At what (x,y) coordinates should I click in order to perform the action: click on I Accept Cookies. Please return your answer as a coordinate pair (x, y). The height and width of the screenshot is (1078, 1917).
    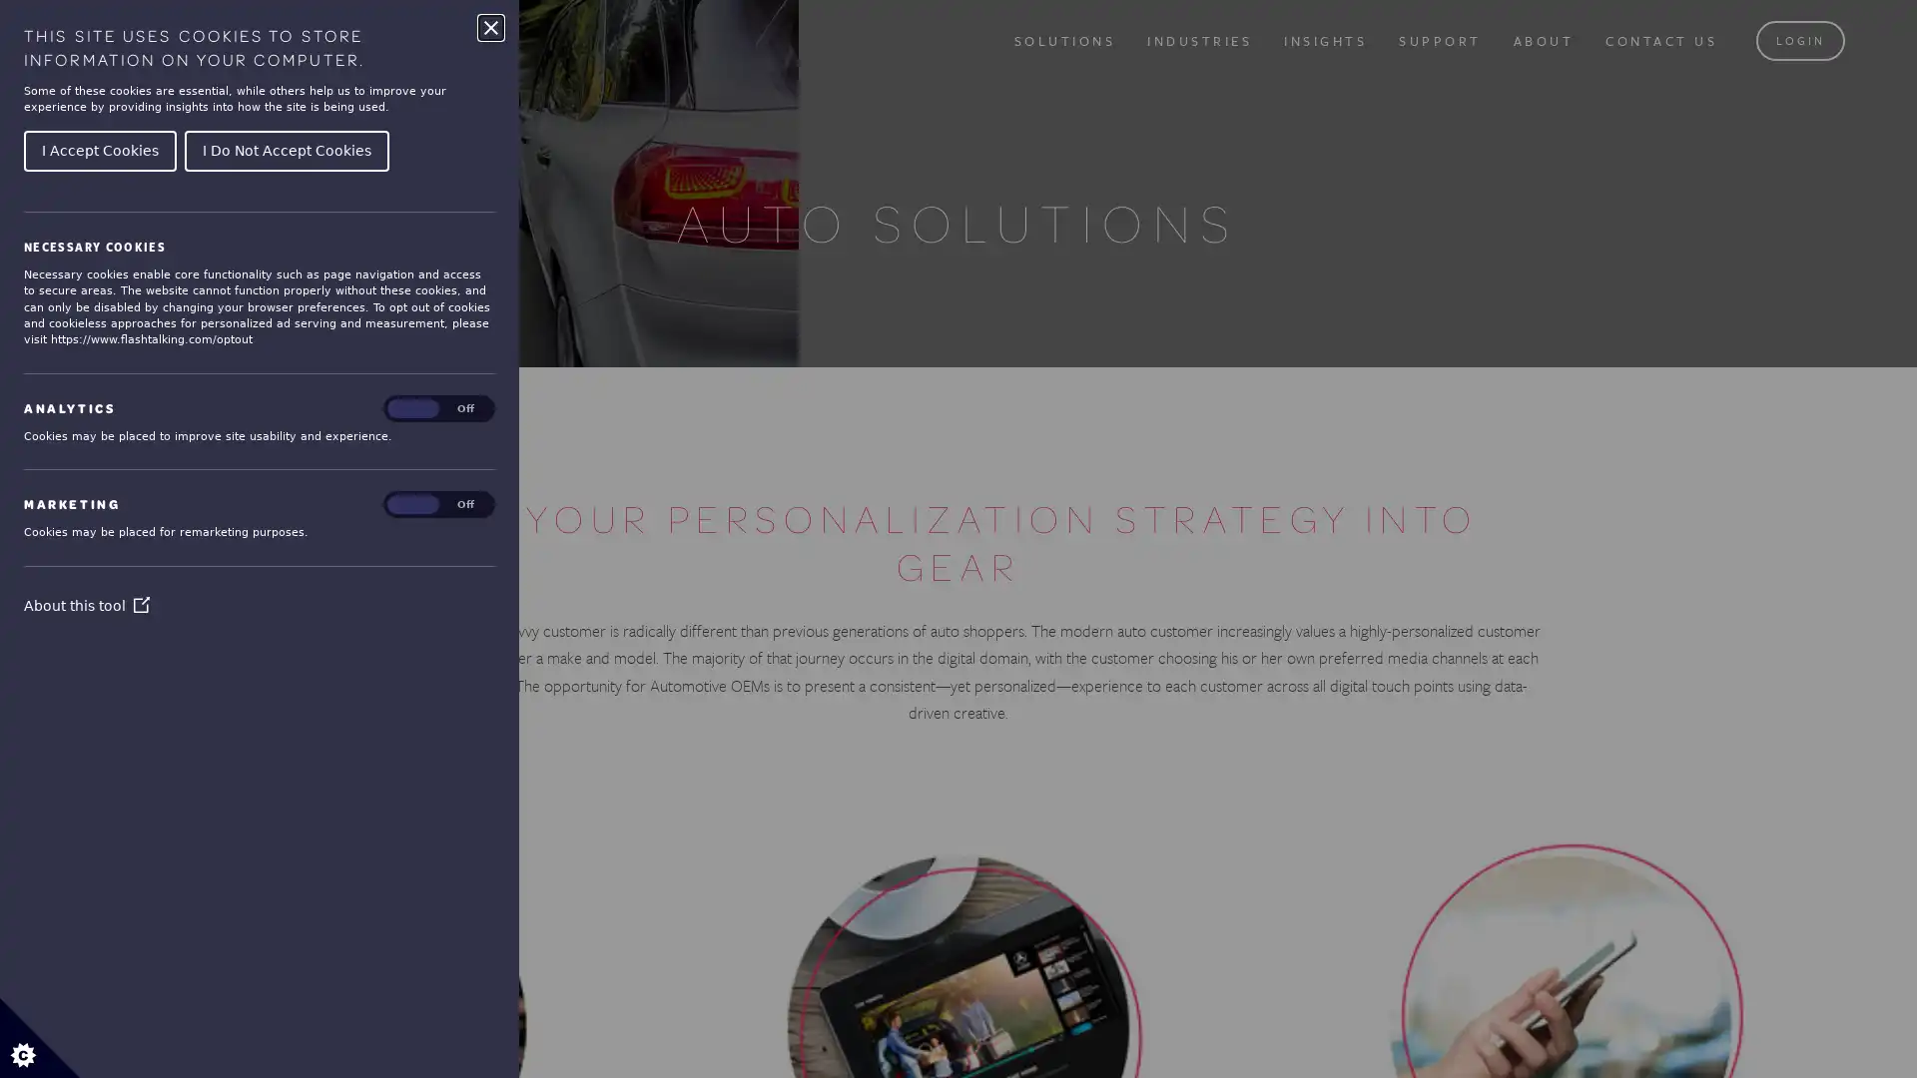
    Looking at the image, I should click on (99, 149).